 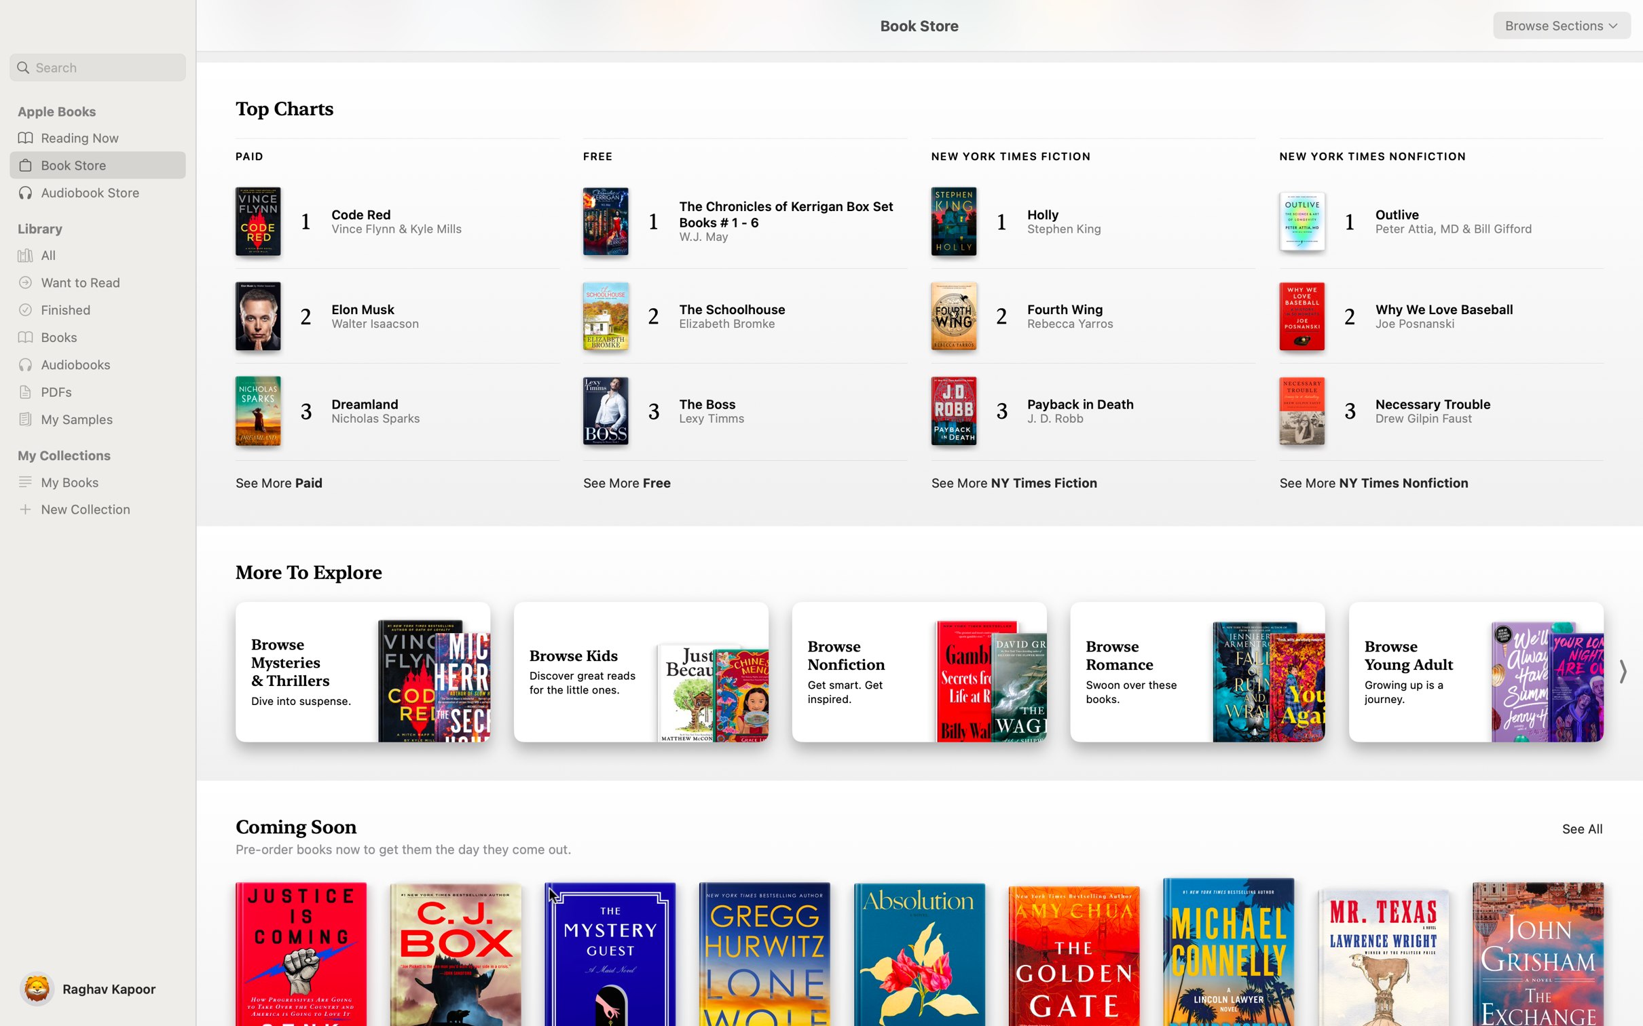 What do you see at coordinates (362, 671) in the screenshot?
I see `"Mystery Books" in the "More to Explore" section` at bounding box center [362, 671].